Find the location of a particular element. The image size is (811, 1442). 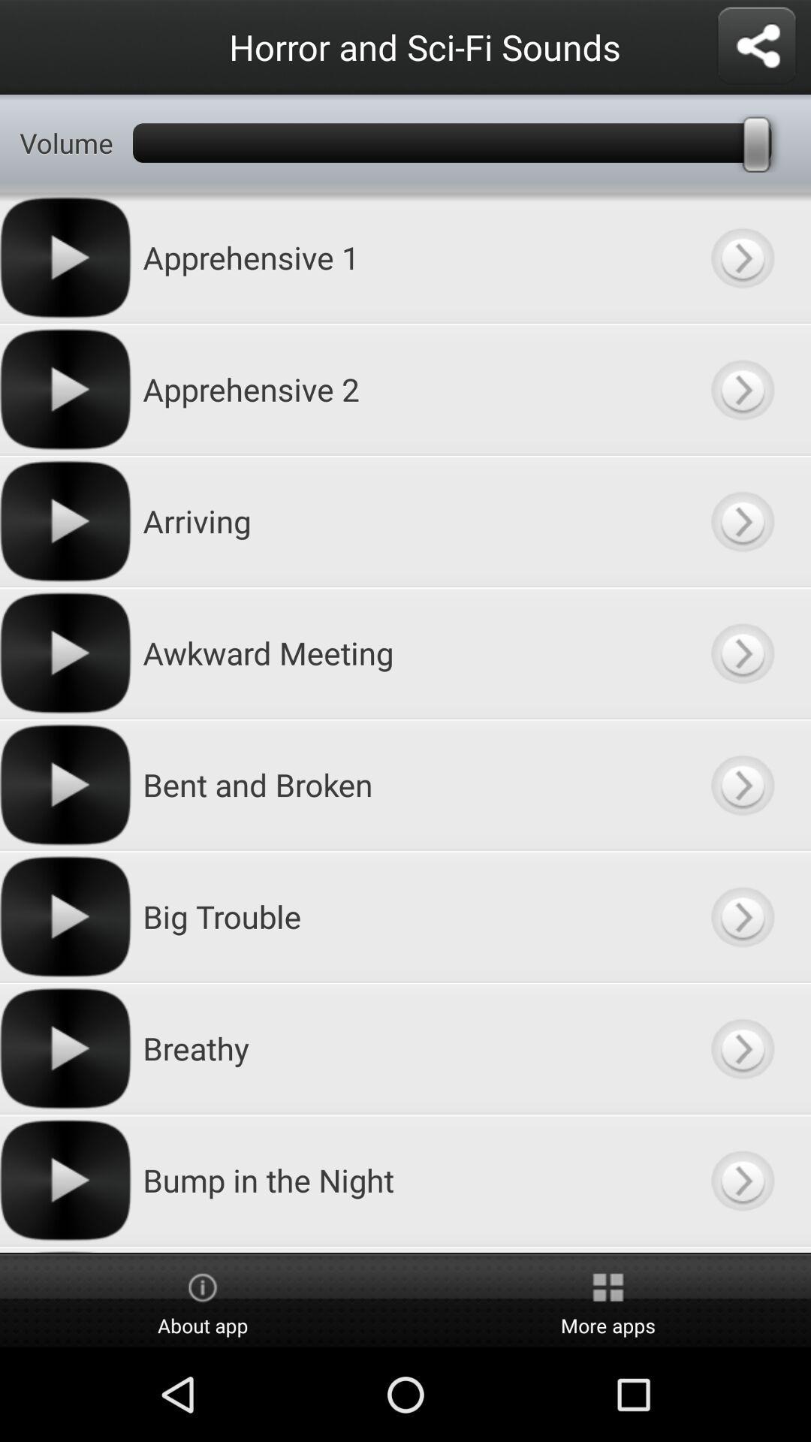

this item is located at coordinates (741, 389).